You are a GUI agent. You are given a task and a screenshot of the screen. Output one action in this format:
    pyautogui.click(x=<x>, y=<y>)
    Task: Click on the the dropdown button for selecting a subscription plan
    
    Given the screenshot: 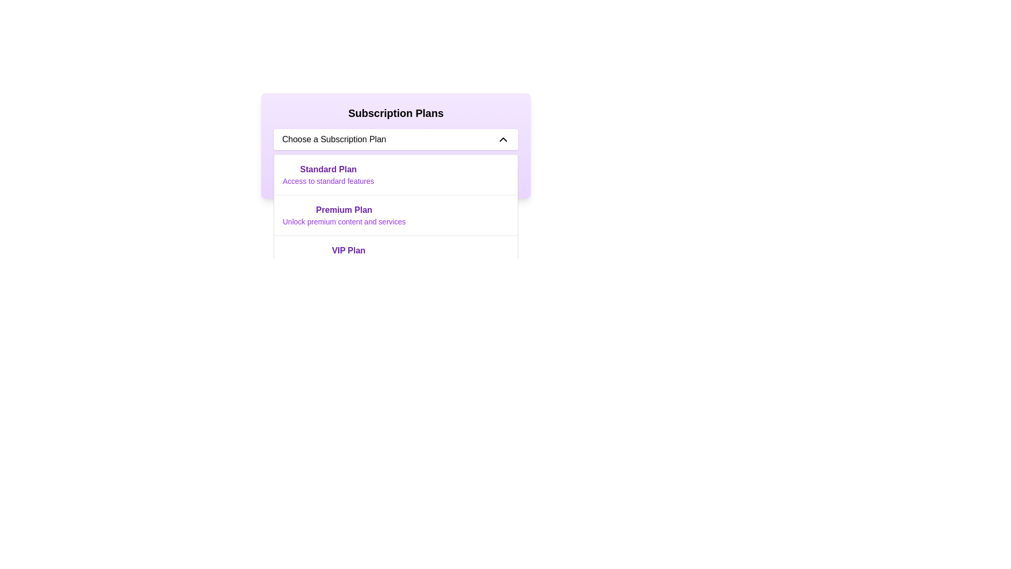 What is the action you would take?
    pyautogui.click(x=395, y=139)
    